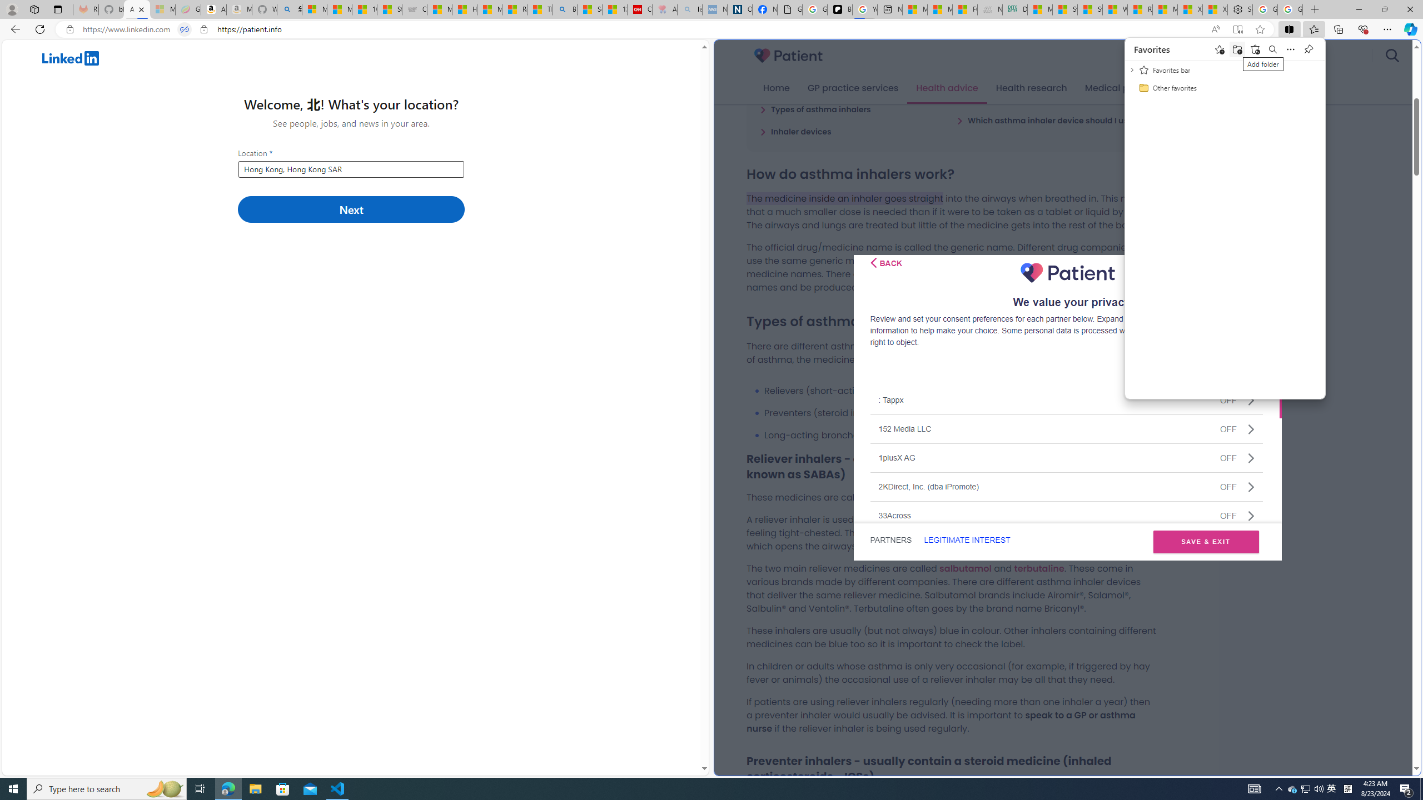 Image resolution: width=1423 pixels, height=800 pixels. I want to click on 'FOX News - MSN', so click(964, 9).